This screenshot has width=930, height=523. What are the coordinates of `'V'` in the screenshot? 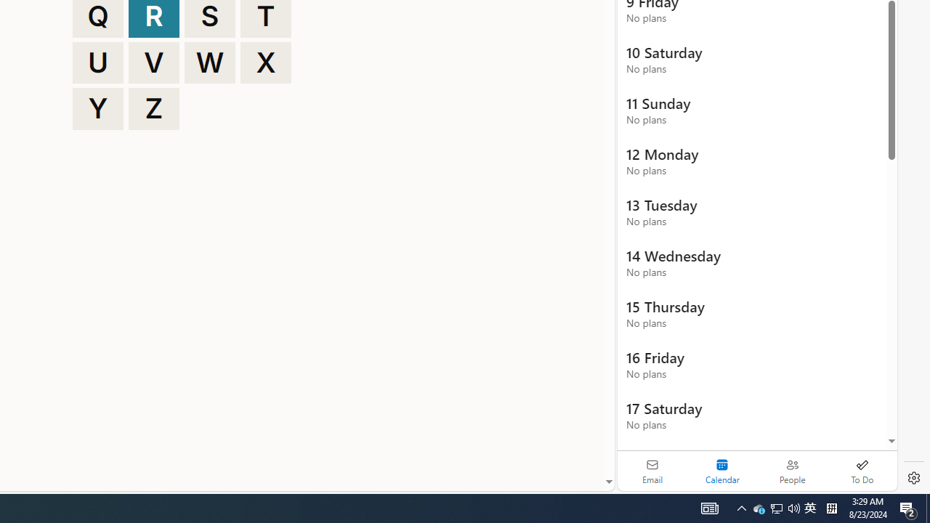 It's located at (154, 62).